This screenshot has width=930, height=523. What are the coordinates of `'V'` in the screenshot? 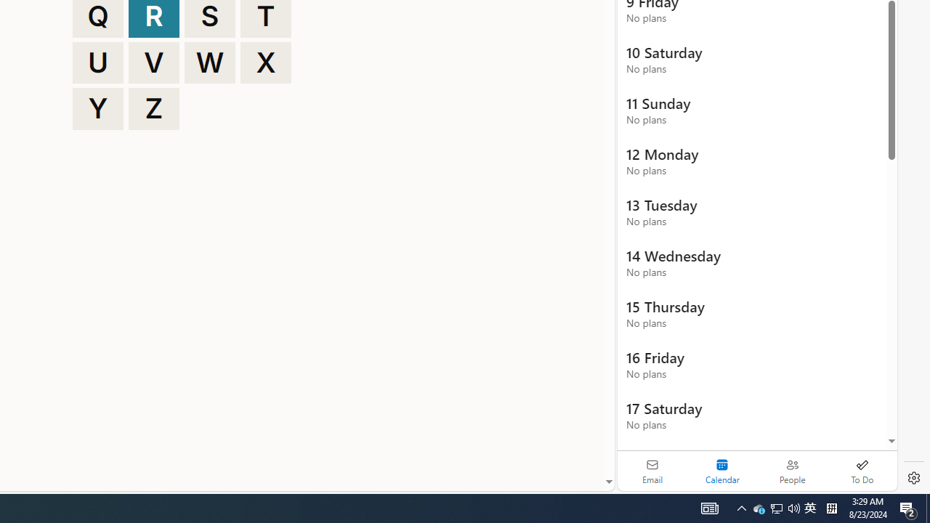 It's located at (154, 62).